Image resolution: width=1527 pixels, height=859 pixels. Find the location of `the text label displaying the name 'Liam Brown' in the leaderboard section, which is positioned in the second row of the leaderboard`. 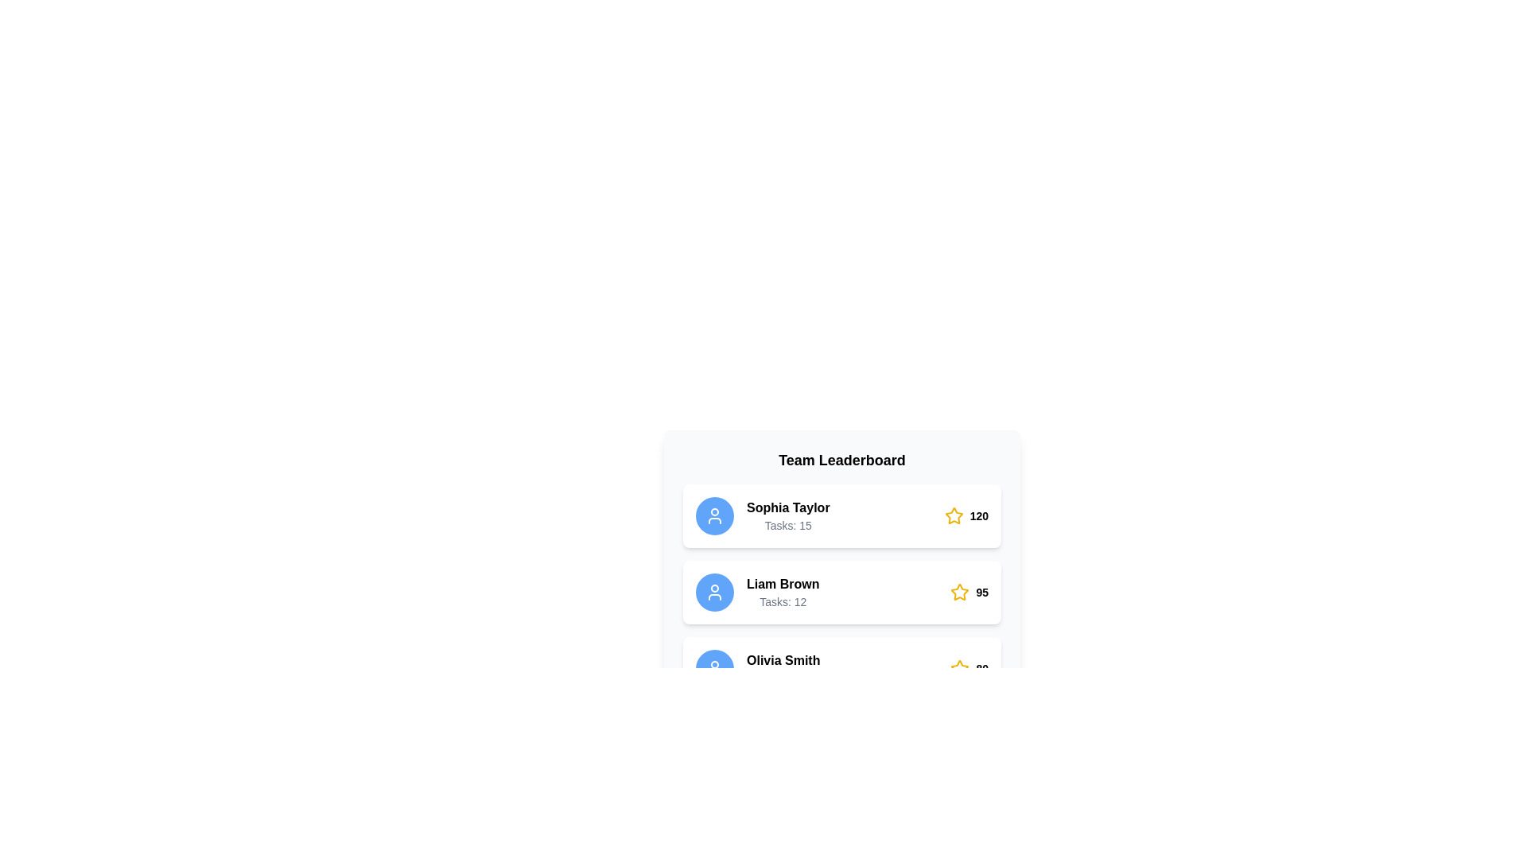

the text label displaying the name 'Liam Brown' in the leaderboard section, which is positioned in the second row of the leaderboard is located at coordinates (783, 585).